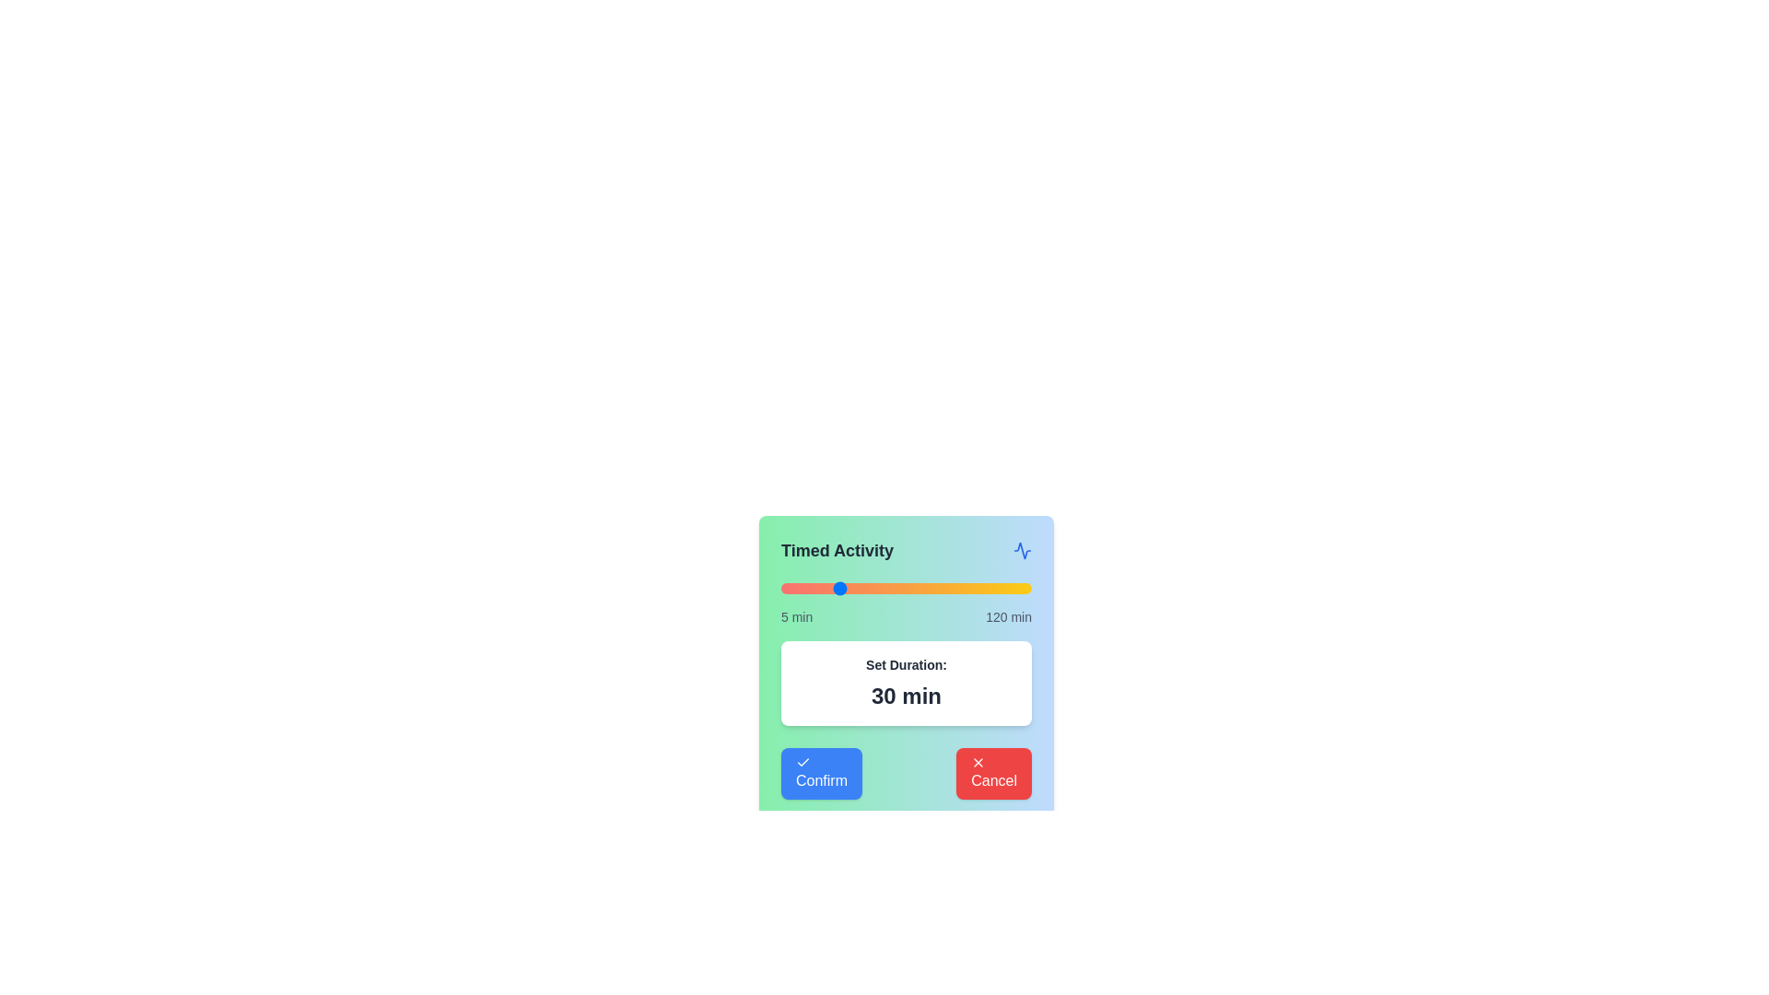 The height and width of the screenshot is (995, 1769). Describe the element at coordinates (987, 589) in the screenshot. I see `the slider to set the activity duration to 100 minutes` at that location.